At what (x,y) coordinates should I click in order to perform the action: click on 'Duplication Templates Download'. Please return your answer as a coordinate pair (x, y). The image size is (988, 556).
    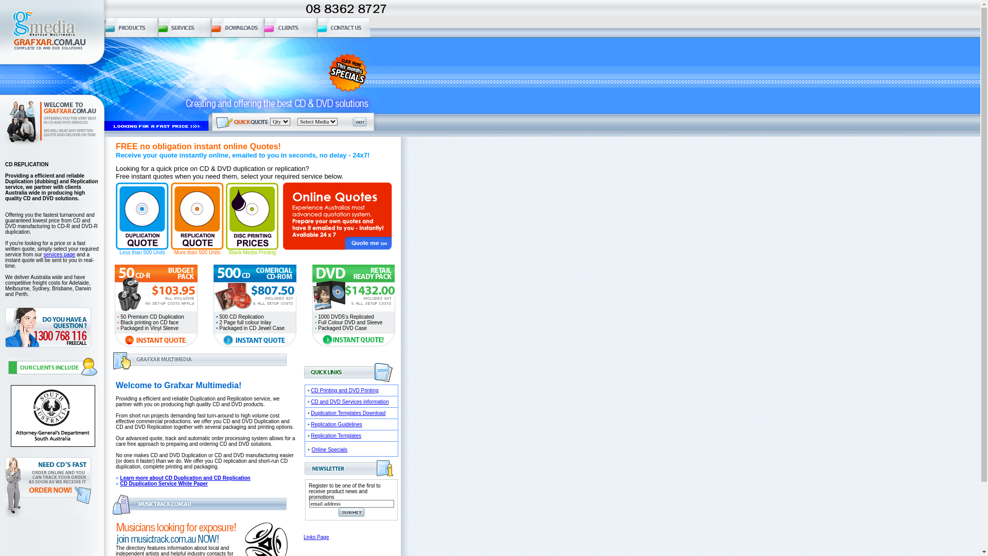
    Looking at the image, I should click on (348, 412).